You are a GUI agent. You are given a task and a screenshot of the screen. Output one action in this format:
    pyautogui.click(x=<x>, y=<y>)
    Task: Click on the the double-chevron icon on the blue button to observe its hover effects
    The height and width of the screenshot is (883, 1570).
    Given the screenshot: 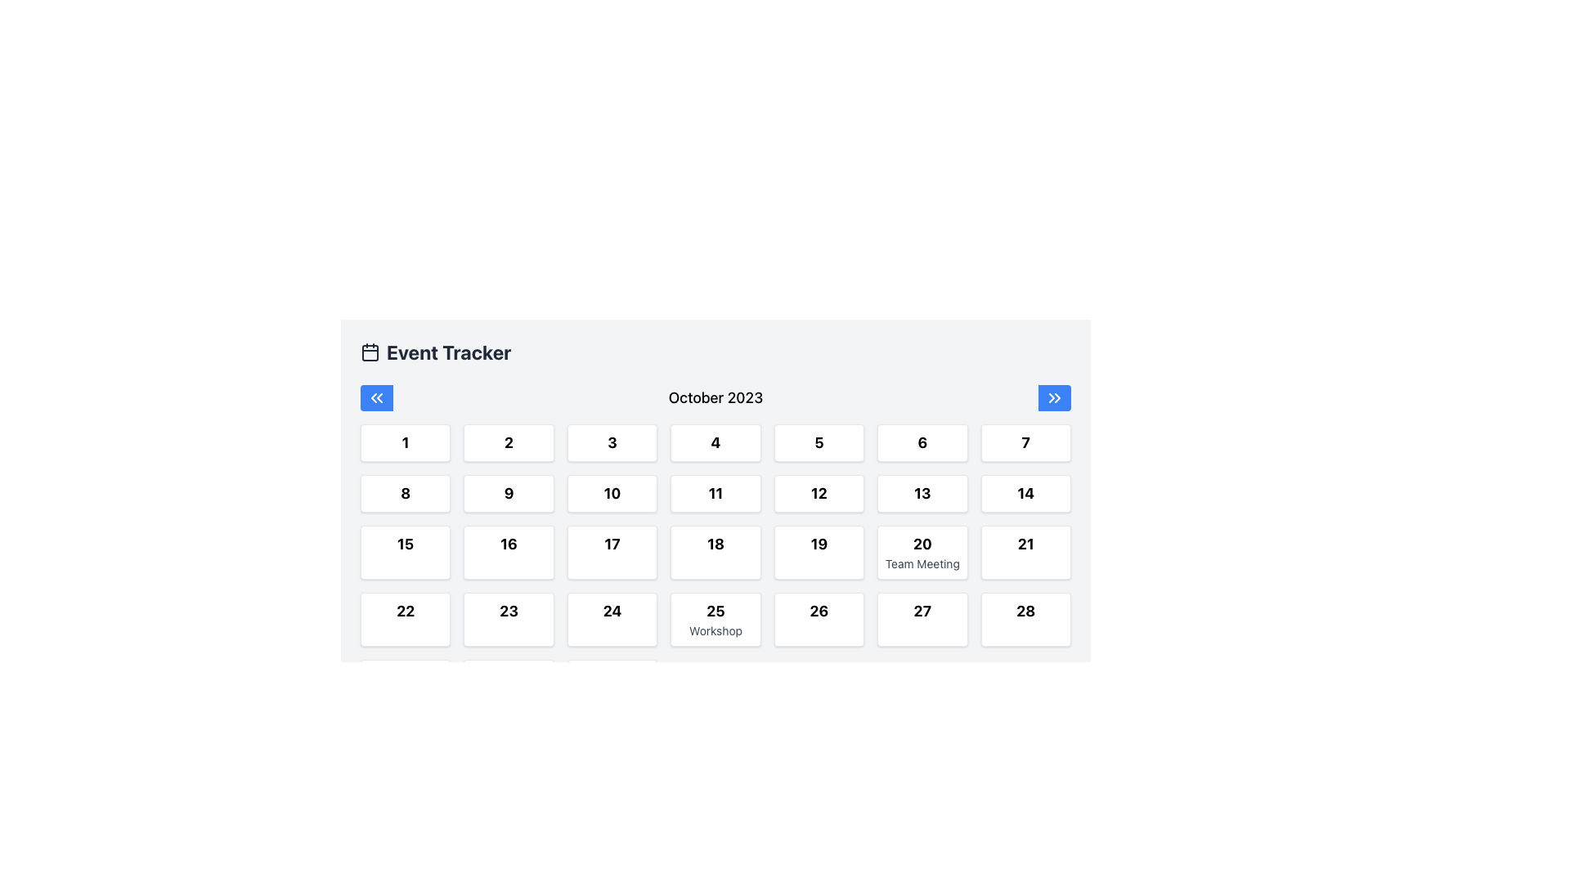 What is the action you would take?
    pyautogui.click(x=375, y=397)
    